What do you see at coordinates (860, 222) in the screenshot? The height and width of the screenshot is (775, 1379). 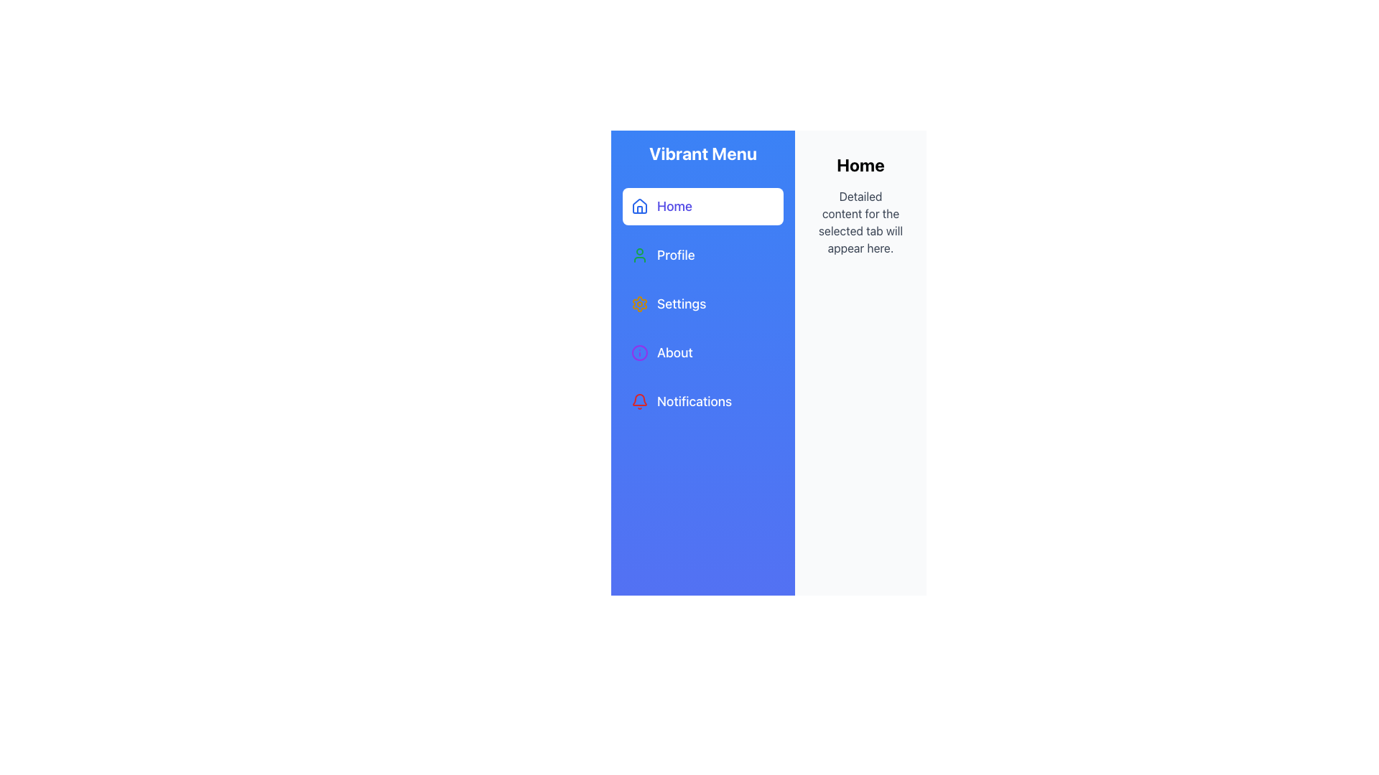 I see `the static text displaying 'Detailed content for the selected tab will appear here.' which is located beneath the 'Home' header` at bounding box center [860, 222].